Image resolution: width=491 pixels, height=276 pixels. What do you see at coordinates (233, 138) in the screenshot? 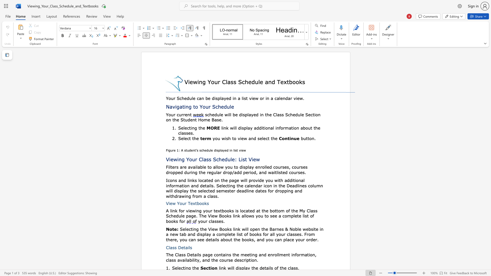
I see `the subset text "o view and s" within the text "you wish to view and select the"` at bounding box center [233, 138].